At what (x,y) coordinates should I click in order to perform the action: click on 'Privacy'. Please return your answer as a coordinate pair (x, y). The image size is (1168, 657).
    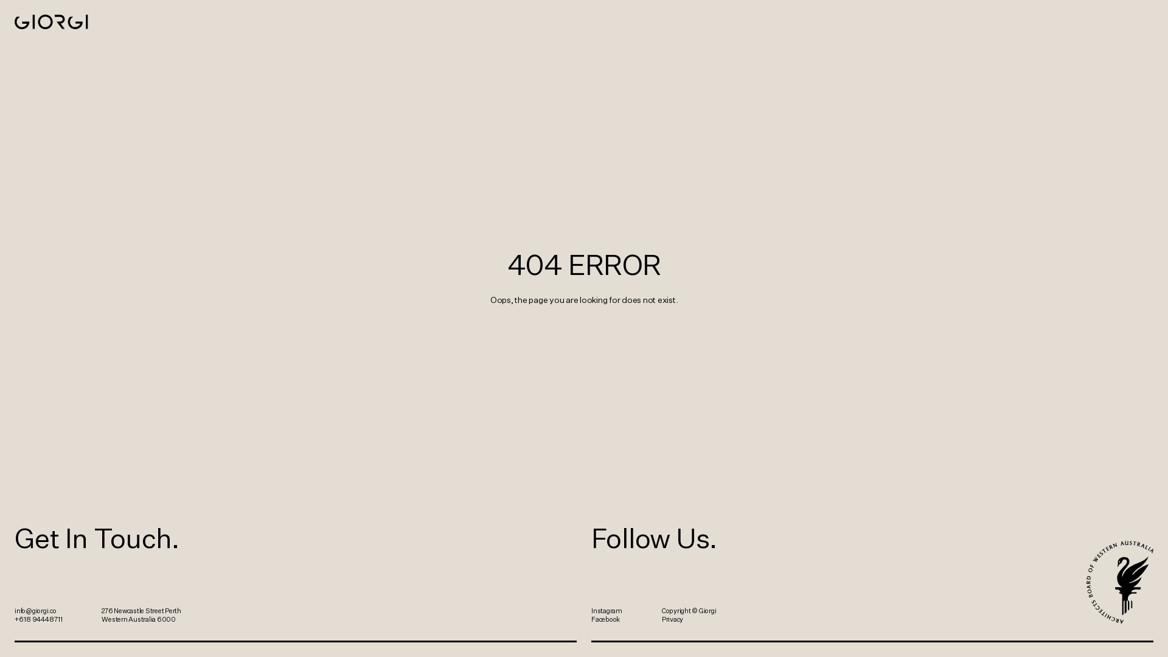
    Looking at the image, I should click on (672, 619).